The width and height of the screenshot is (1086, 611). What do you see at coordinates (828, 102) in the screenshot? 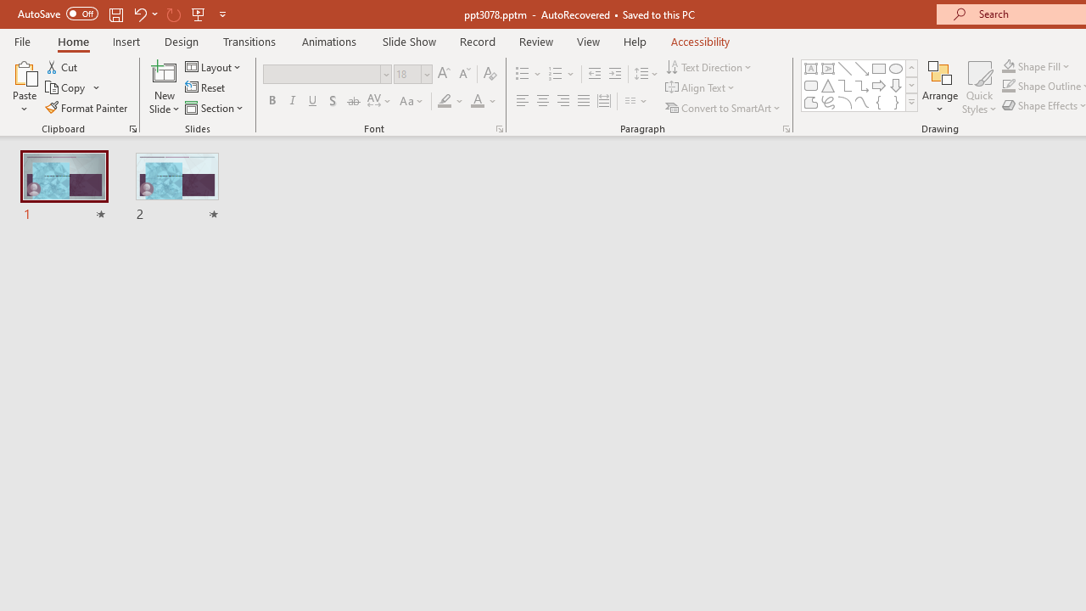
I see `'Freeform: Scribble'` at bounding box center [828, 102].